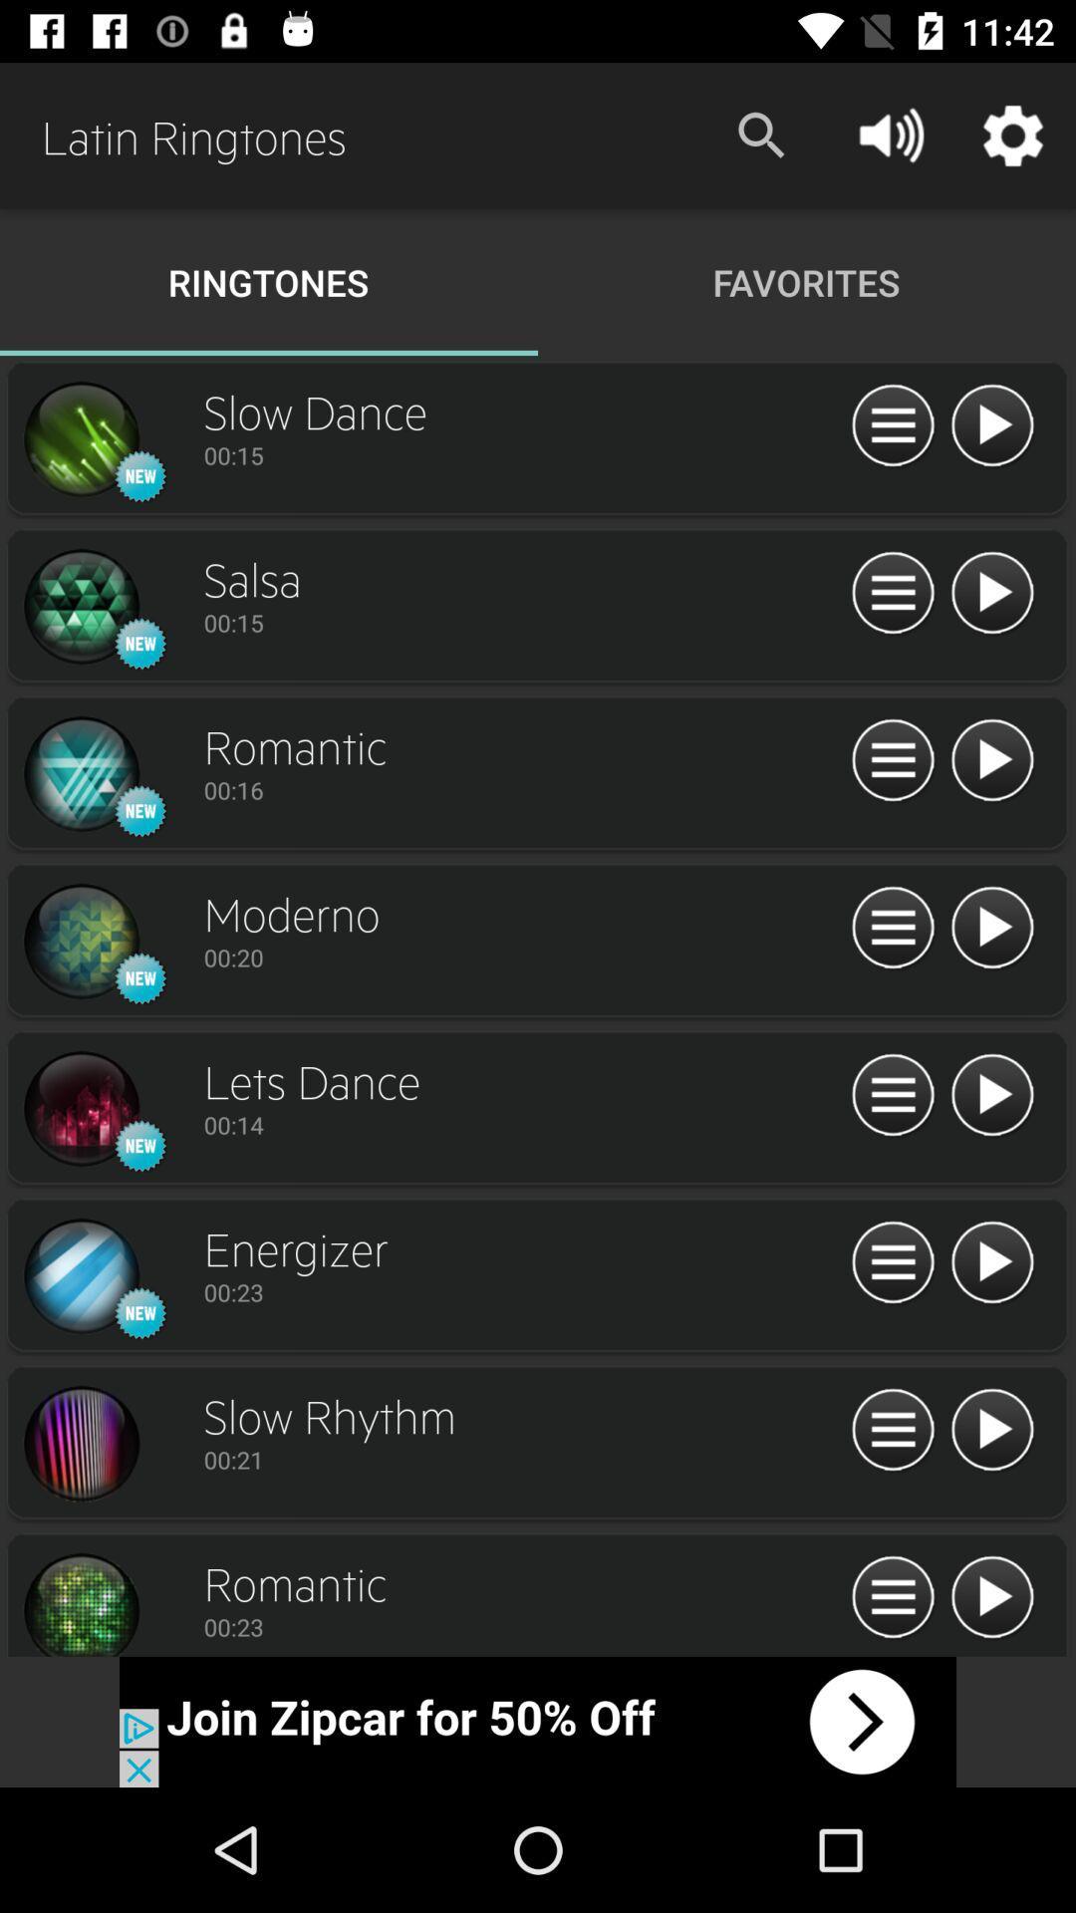  Describe the element at coordinates (80, 773) in the screenshot. I see `the icon which is left side of the romantic` at that location.